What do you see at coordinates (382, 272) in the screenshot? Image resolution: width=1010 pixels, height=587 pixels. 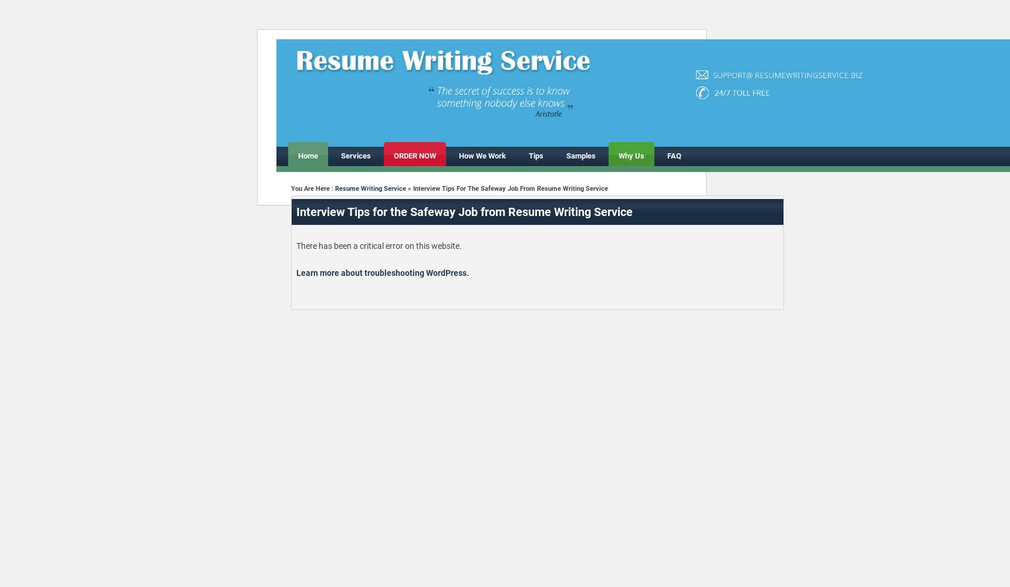 I see `'Learn more about troubleshooting WordPress.'` at bounding box center [382, 272].